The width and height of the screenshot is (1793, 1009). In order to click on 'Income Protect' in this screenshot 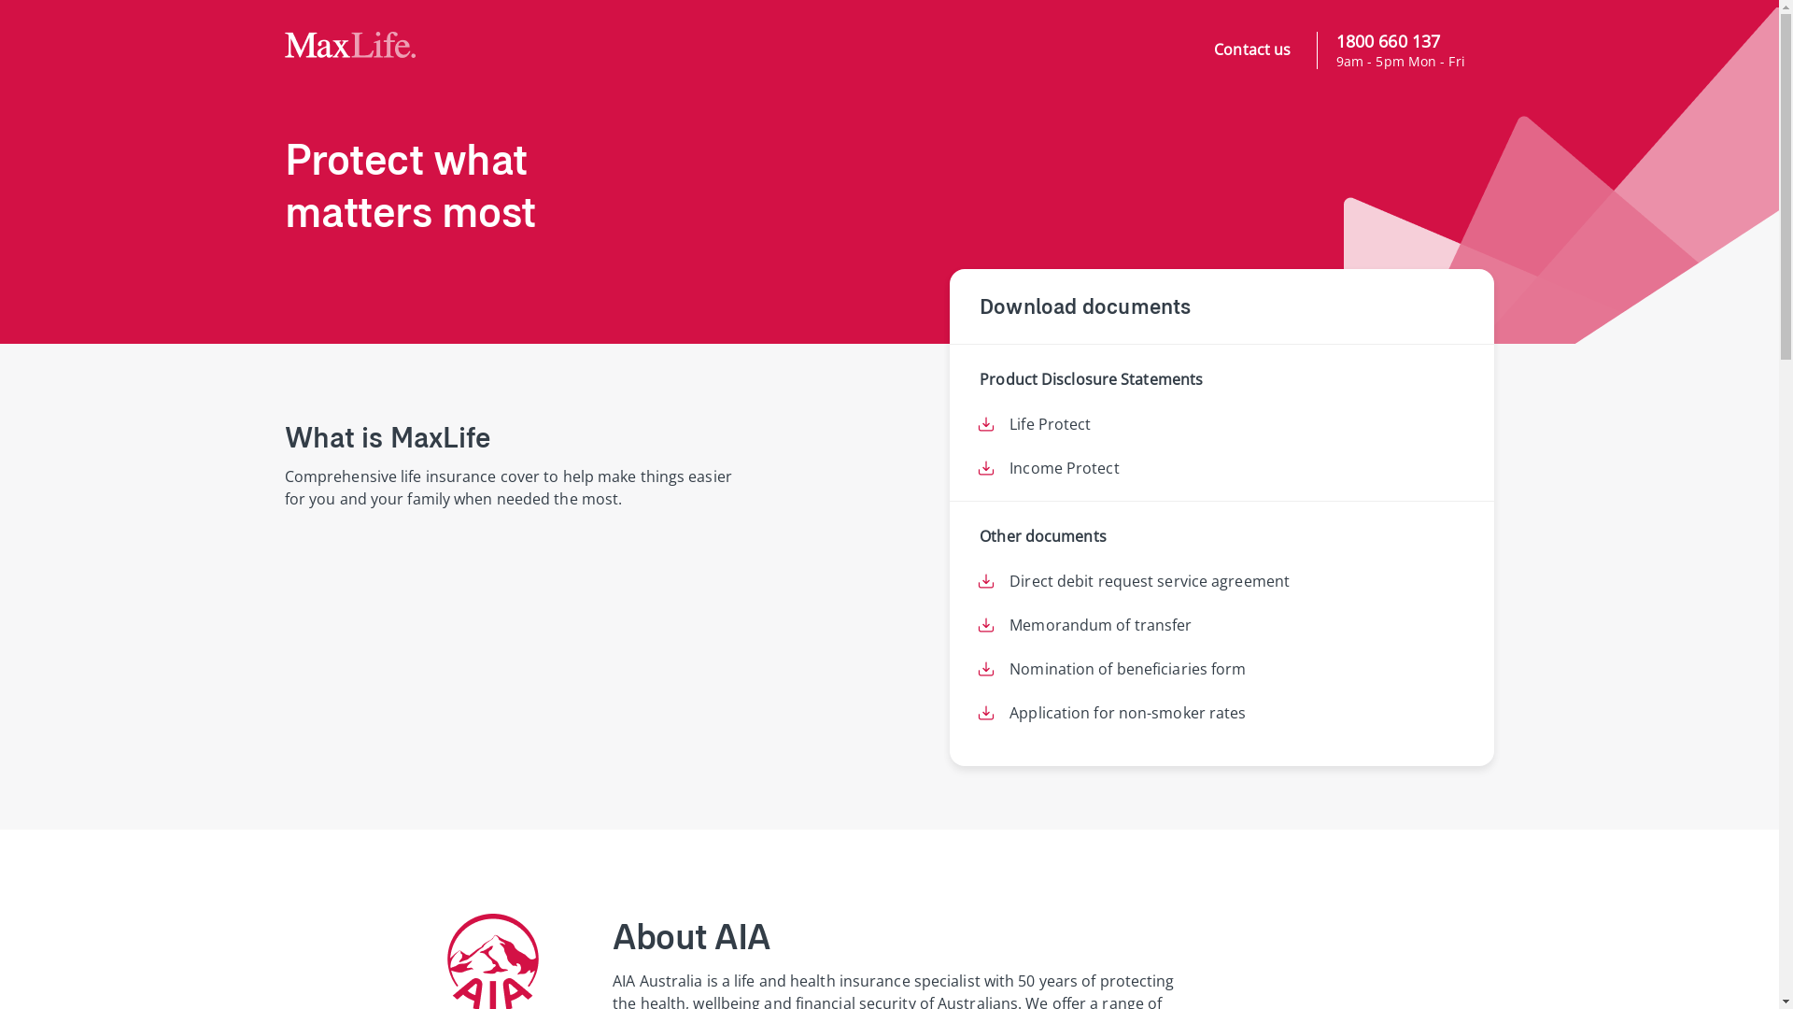, I will do `click(1064, 467)`.